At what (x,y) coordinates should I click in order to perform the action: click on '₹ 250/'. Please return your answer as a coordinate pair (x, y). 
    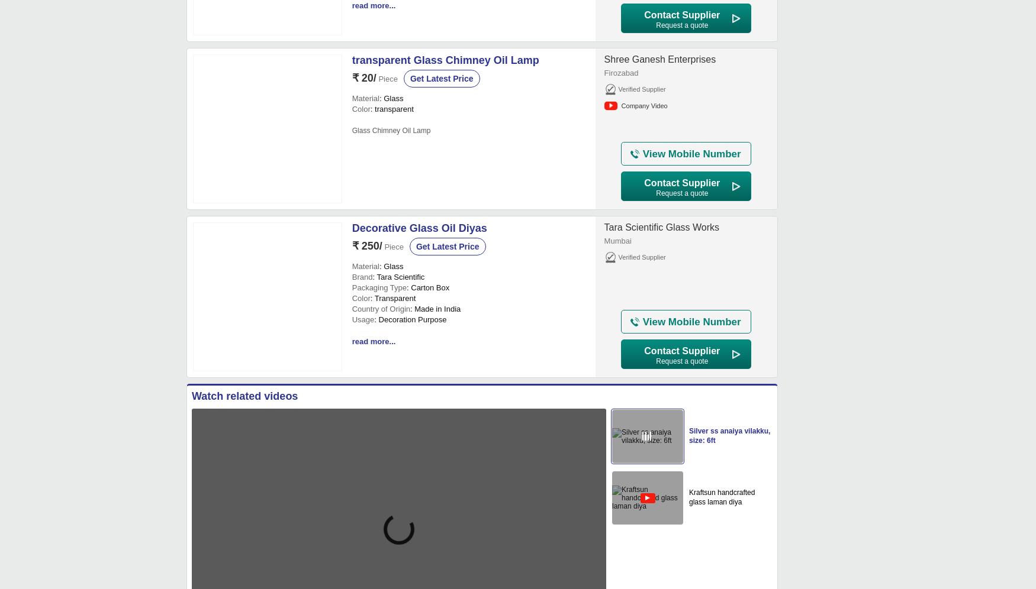
    Looking at the image, I should click on (366, 246).